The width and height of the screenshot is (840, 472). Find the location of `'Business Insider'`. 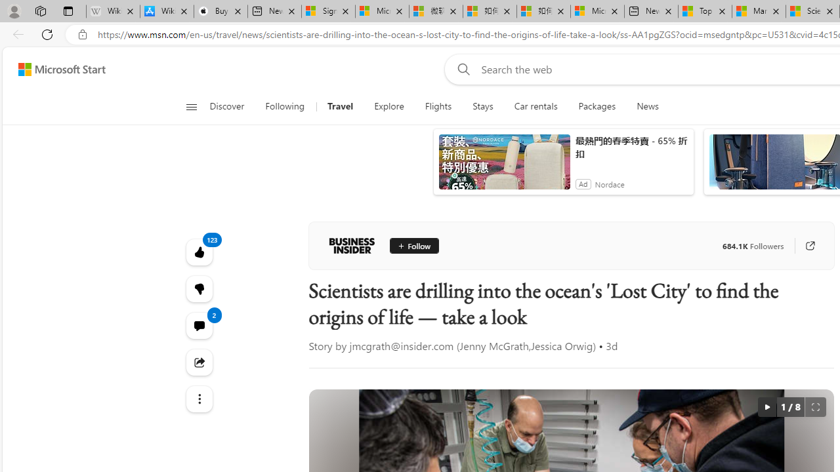

'Business Insider' is located at coordinates (352, 246).